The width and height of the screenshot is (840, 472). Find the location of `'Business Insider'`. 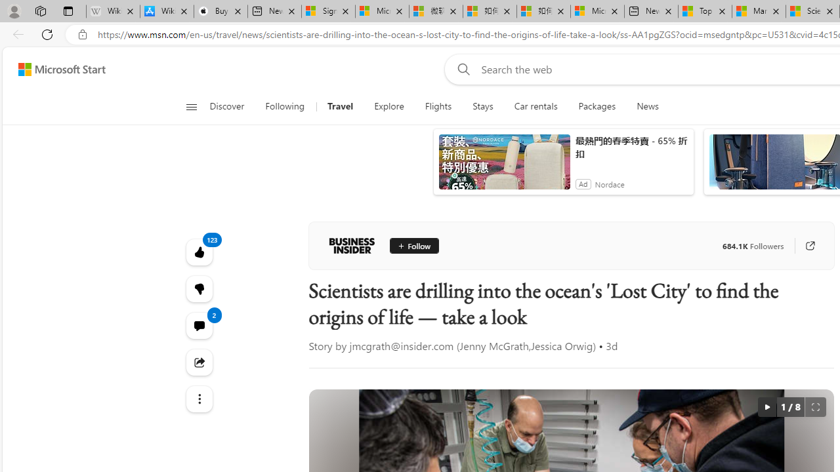

'Business Insider' is located at coordinates (352, 246).